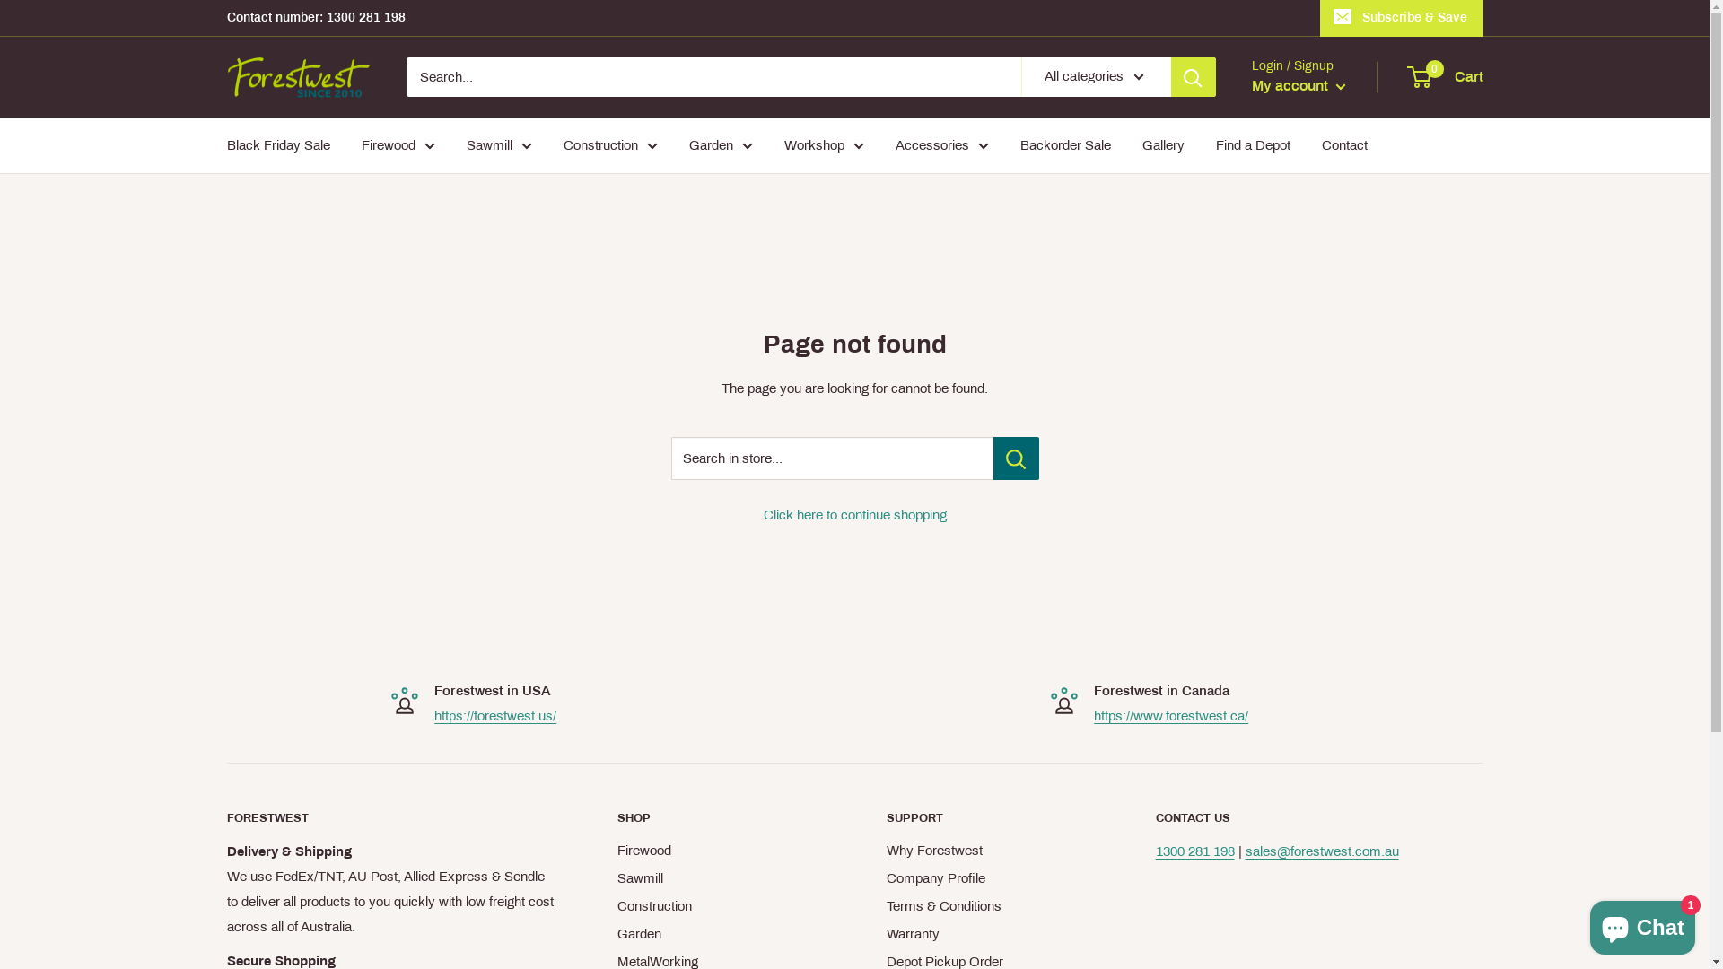 This screenshot has height=969, width=1723. I want to click on 'Accessories', so click(941, 144).